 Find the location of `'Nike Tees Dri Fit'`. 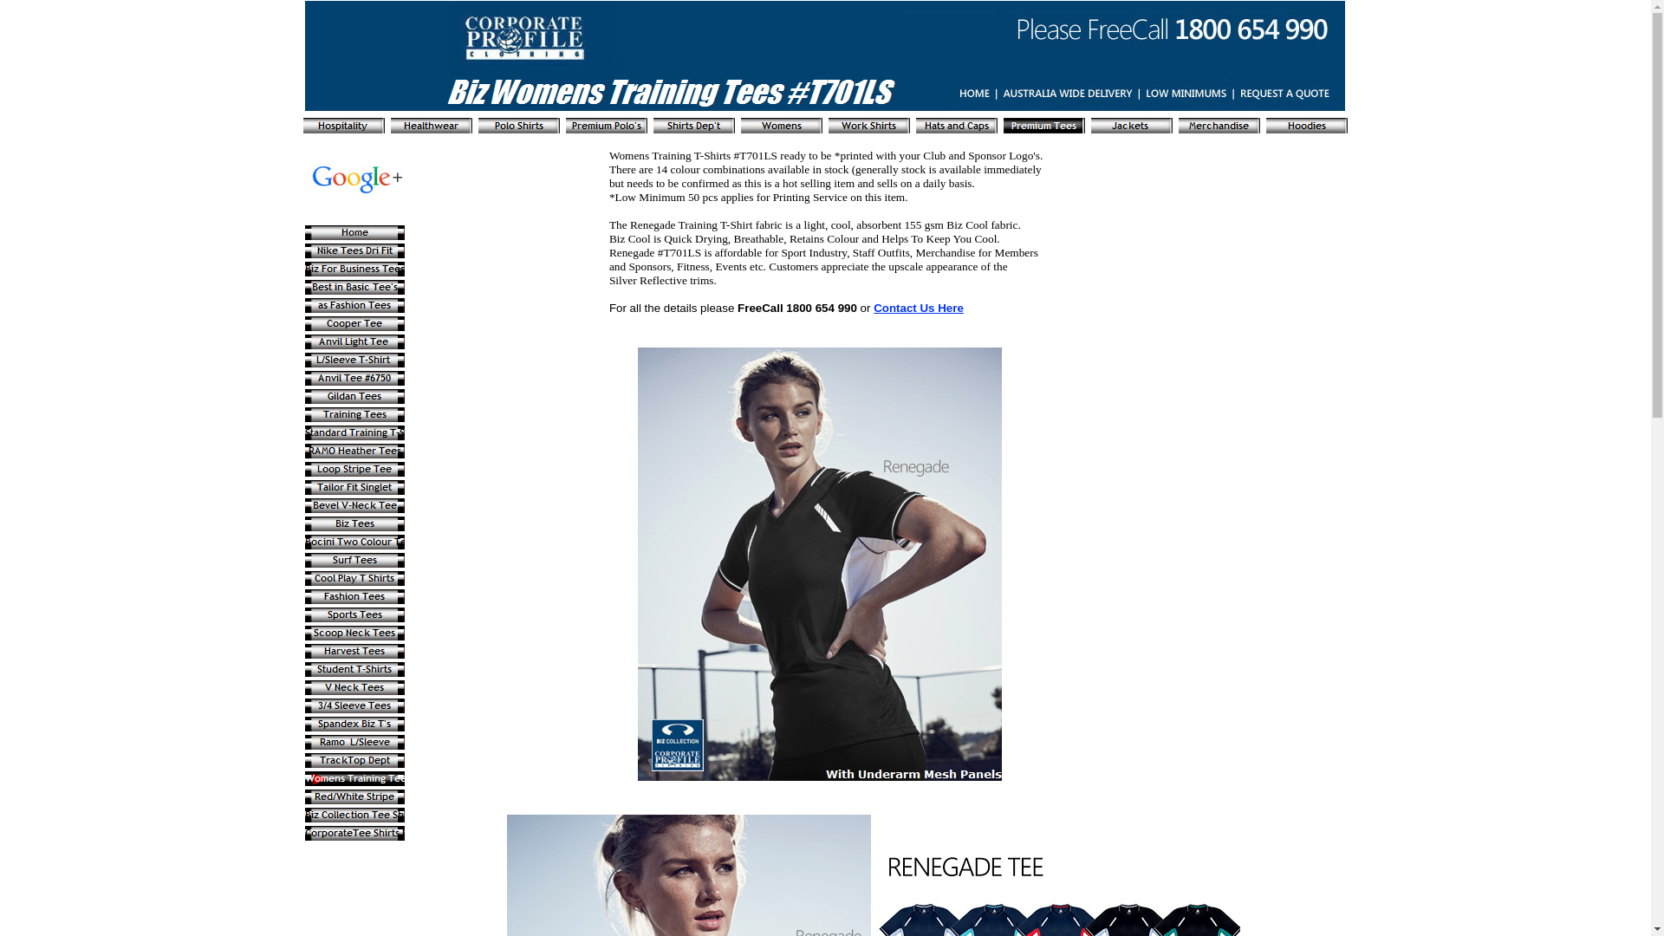

'Nike Tees Dri Fit' is located at coordinates (354, 250).